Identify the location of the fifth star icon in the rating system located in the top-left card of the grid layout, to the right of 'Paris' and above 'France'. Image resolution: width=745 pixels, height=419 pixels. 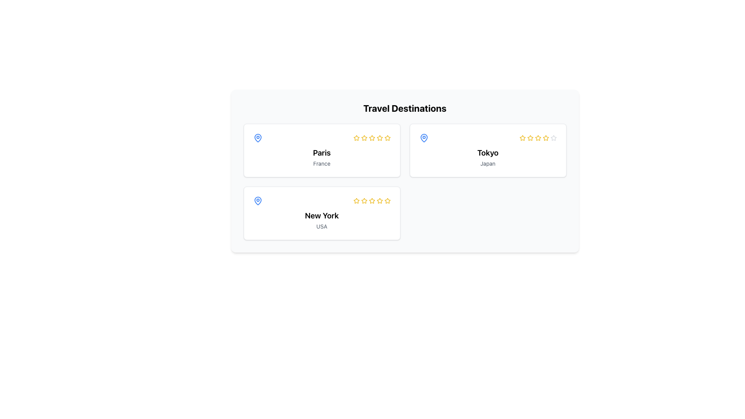
(387, 137).